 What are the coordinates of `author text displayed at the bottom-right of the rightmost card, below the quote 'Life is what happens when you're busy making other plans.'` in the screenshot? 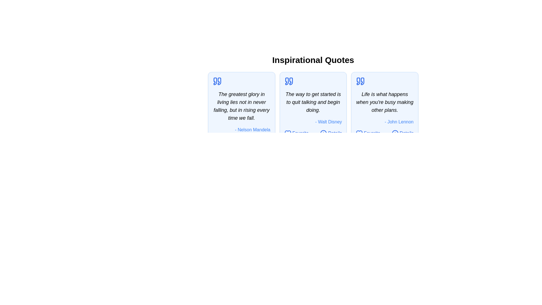 It's located at (384, 122).